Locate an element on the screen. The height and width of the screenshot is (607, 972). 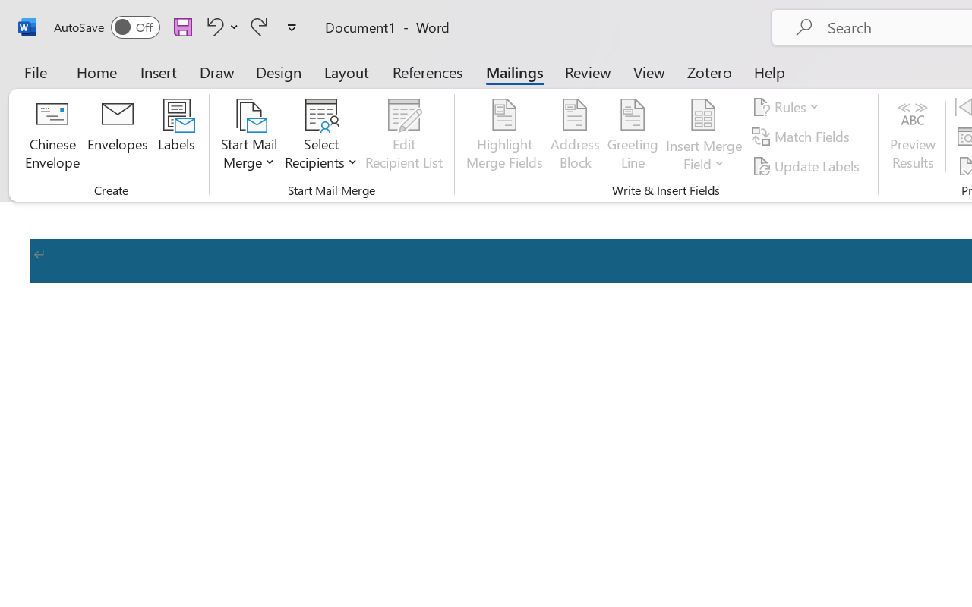
'Insert Merge Field' is located at coordinates (703, 115).